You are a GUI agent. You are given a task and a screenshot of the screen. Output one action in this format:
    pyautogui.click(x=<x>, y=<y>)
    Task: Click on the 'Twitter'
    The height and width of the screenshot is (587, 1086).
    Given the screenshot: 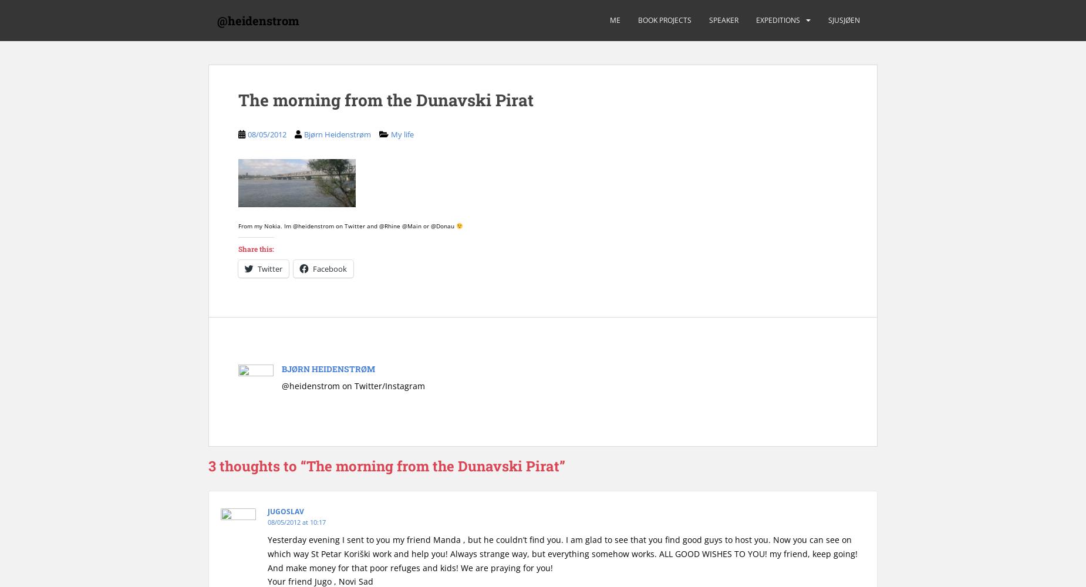 What is the action you would take?
    pyautogui.click(x=269, y=268)
    